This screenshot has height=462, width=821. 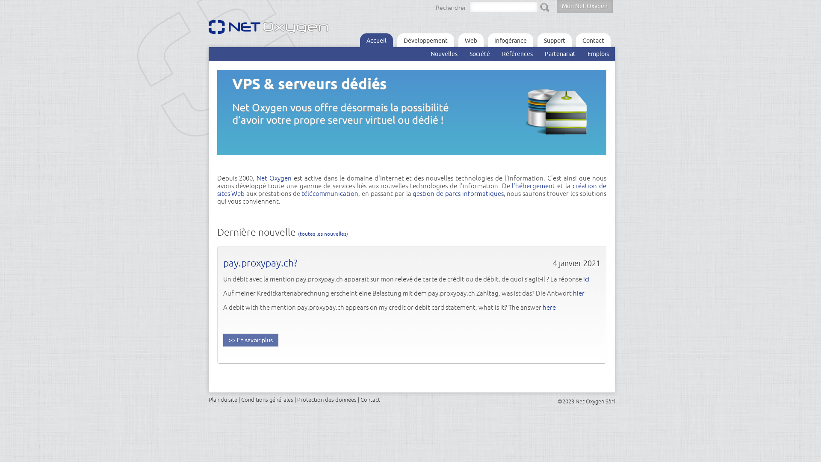 I want to click on 'Net Oxygen logo', so click(x=275, y=29).